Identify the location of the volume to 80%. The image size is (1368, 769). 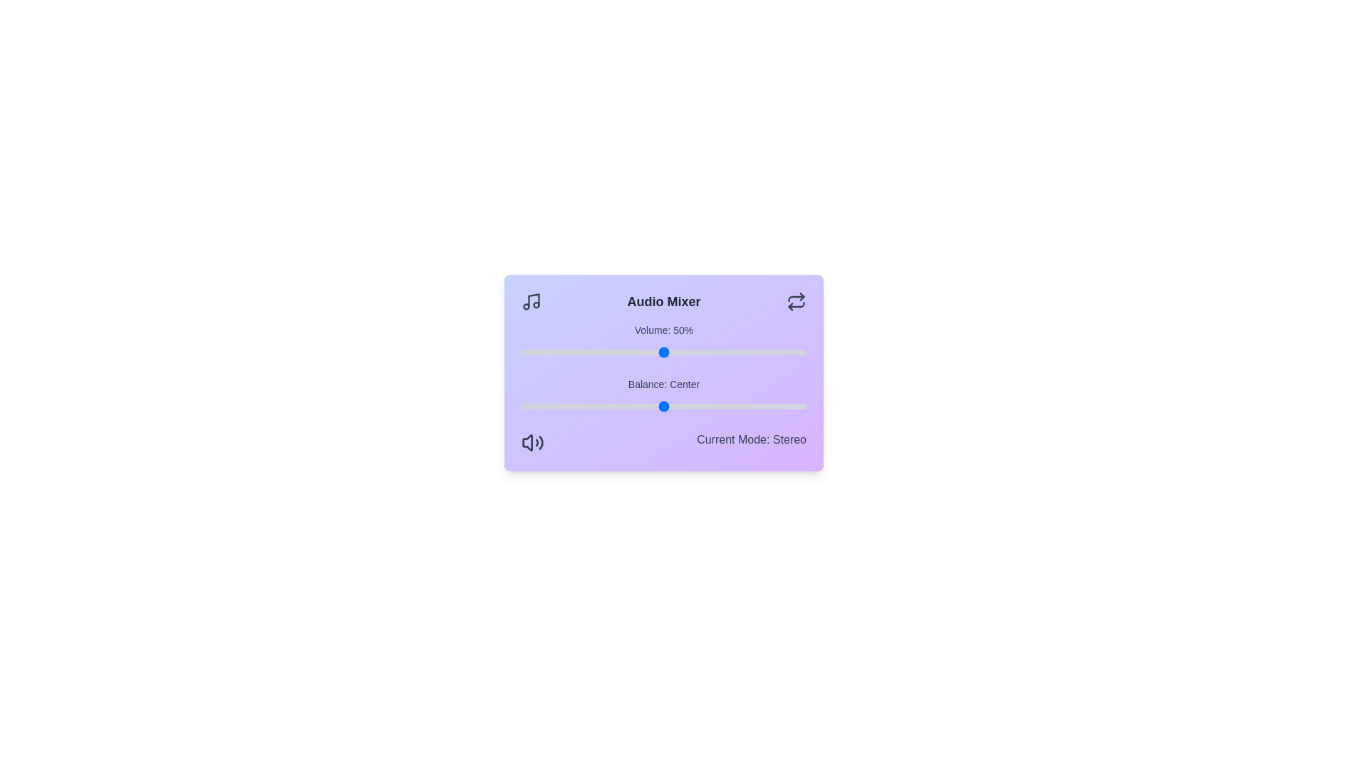
(748, 352).